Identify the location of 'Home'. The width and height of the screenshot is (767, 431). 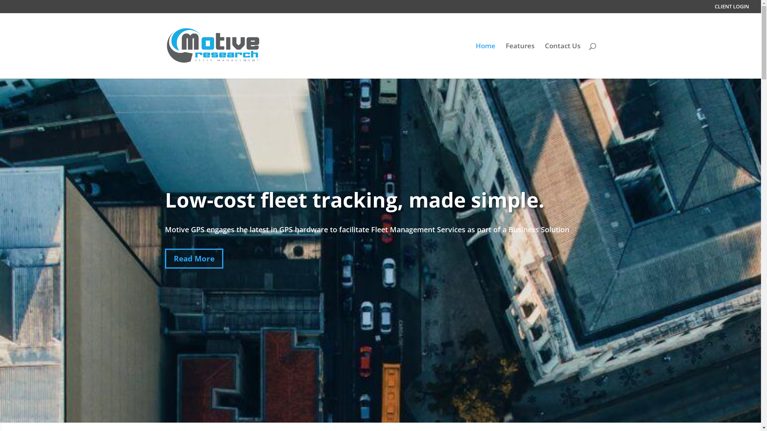
(485, 60).